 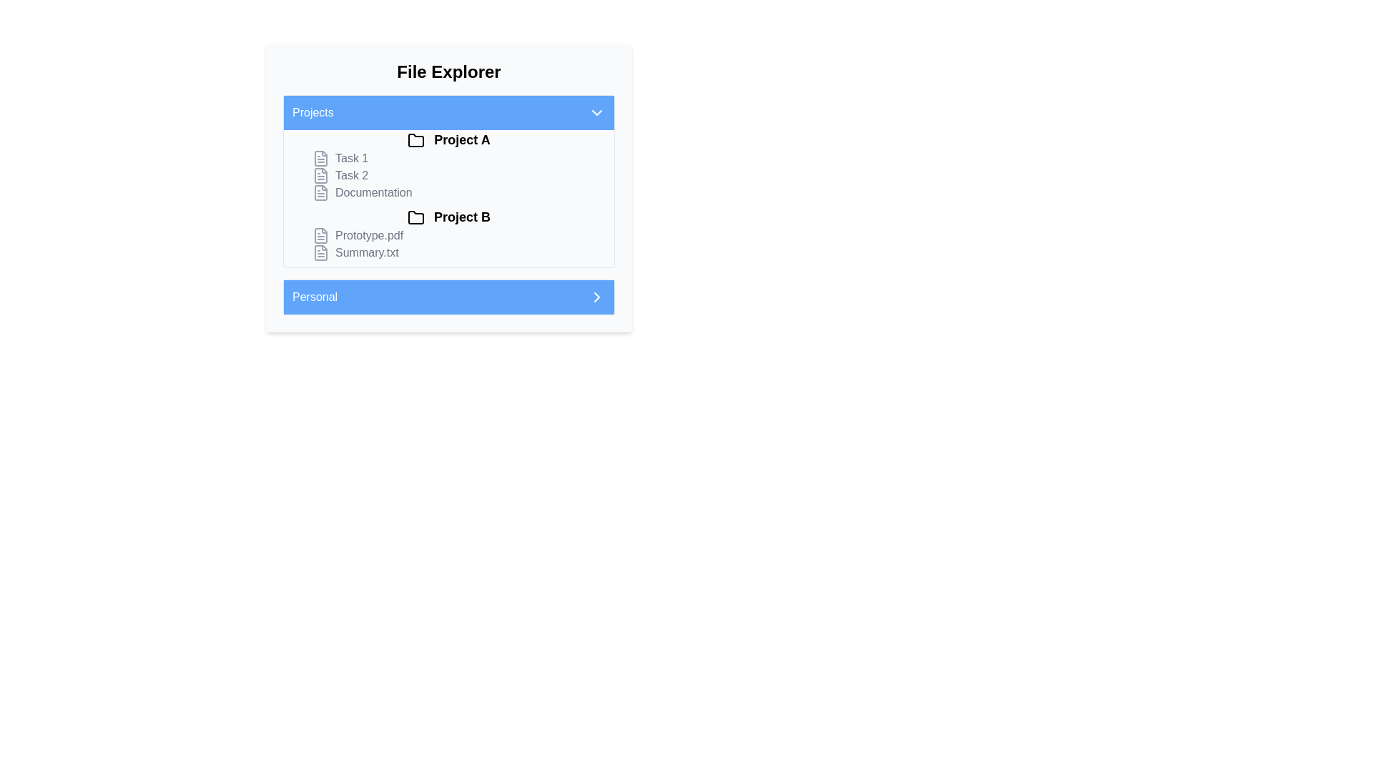 What do you see at coordinates (448, 233) in the screenshot?
I see `the 'Project B' folder located` at bounding box center [448, 233].